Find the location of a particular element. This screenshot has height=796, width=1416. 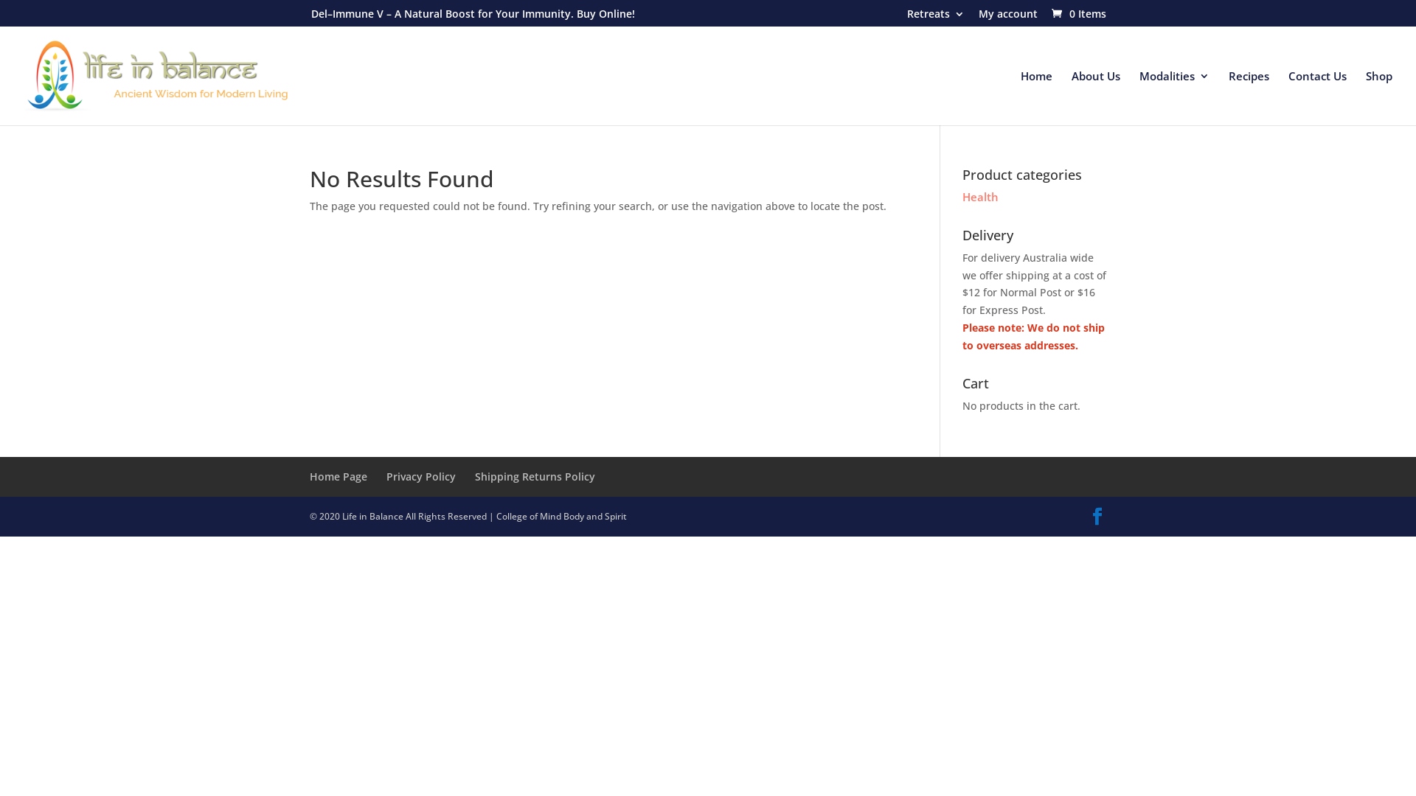

'About Us' is located at coordinates (1096, 97).